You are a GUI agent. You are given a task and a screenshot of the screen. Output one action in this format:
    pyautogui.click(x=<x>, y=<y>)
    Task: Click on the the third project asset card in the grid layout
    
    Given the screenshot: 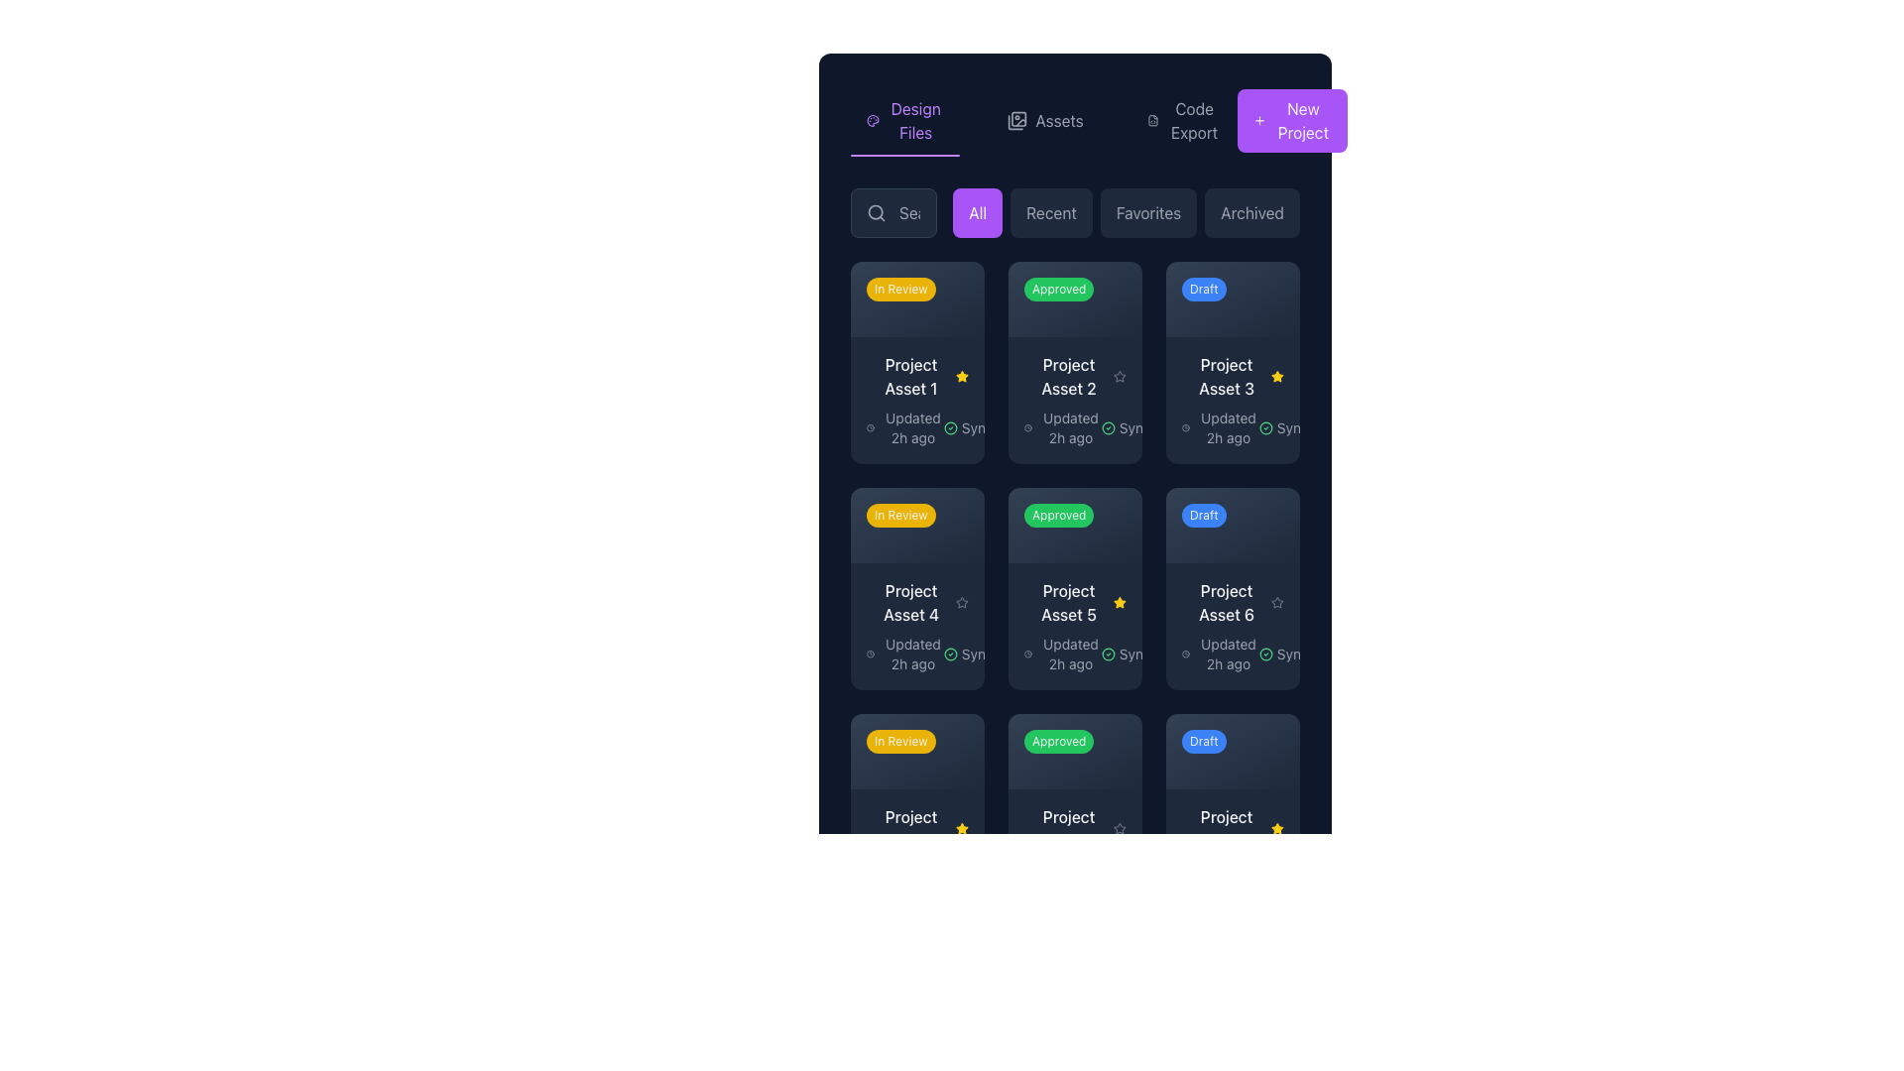 What is the action you would take?
    pyautogui.click(x=1232, y=363)
    